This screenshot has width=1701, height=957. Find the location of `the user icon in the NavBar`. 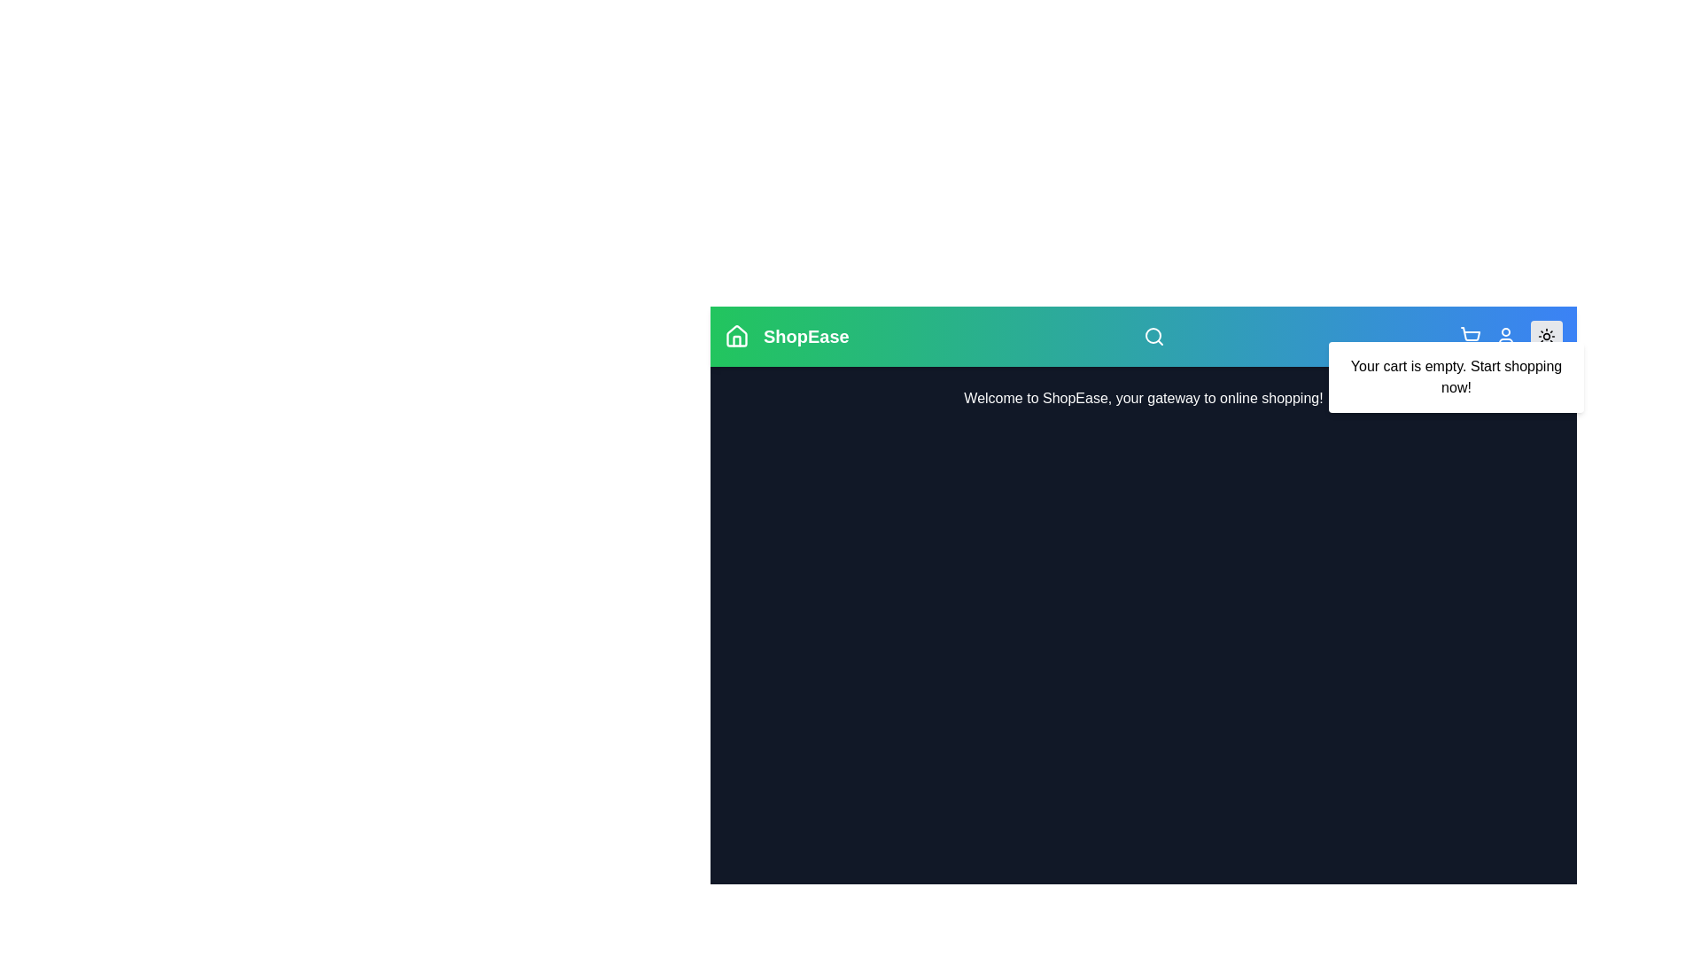

the user icon in the NavBar is located at coordinates (1504, 337).